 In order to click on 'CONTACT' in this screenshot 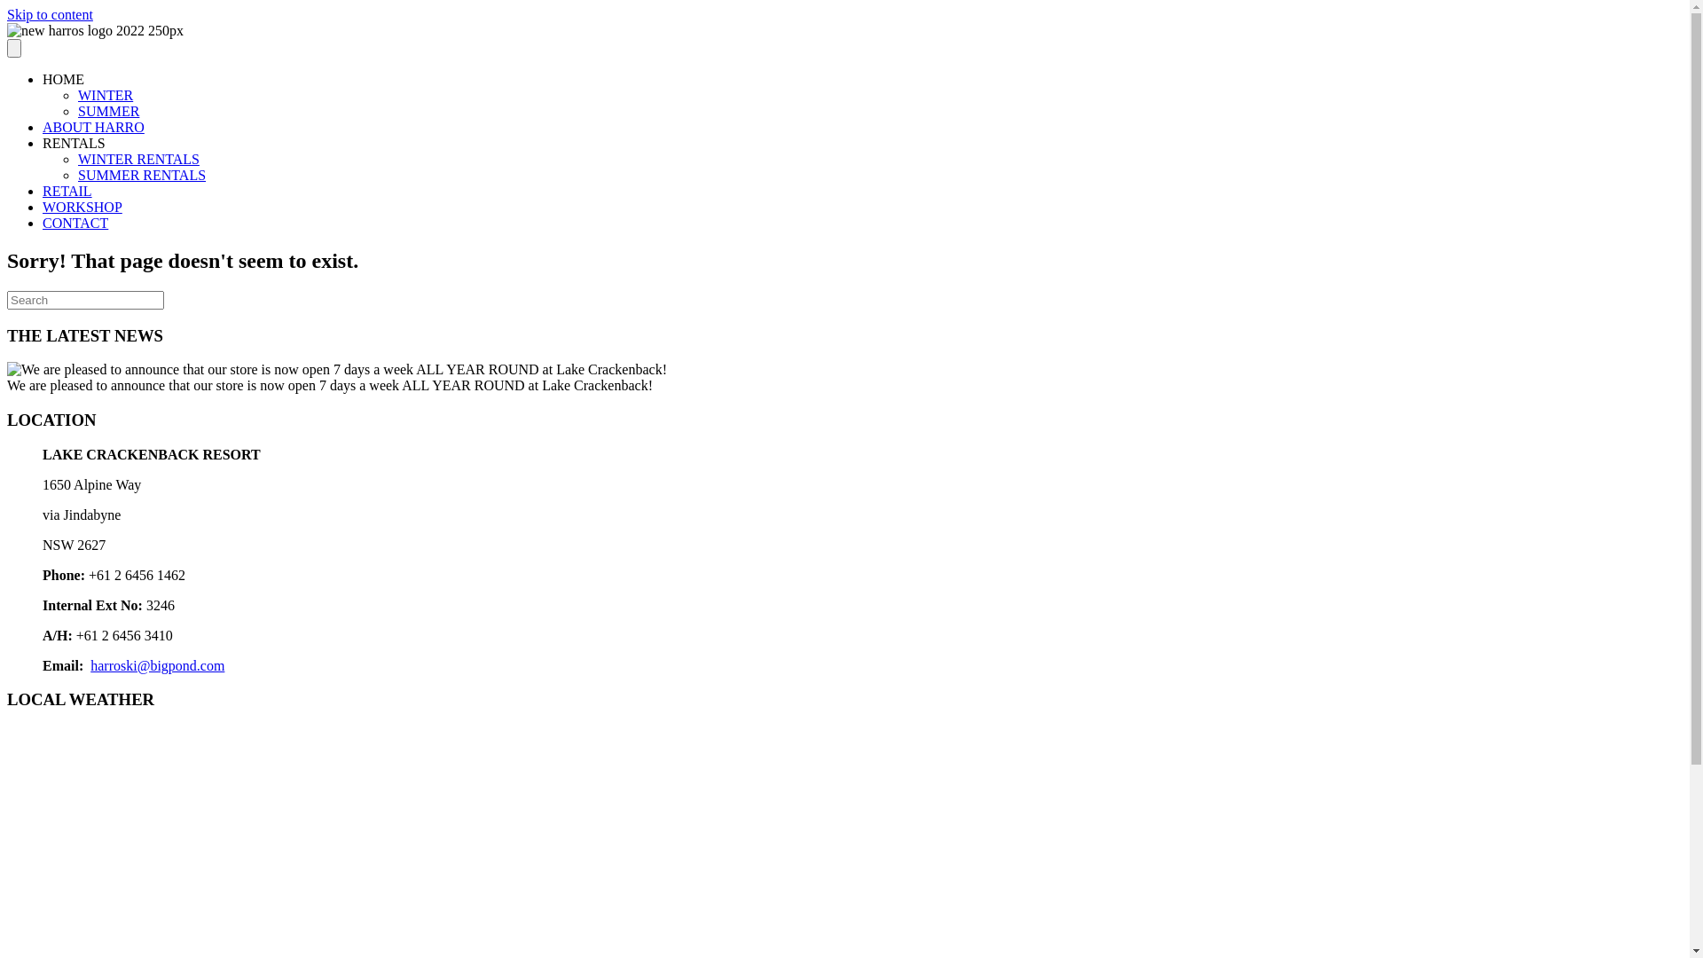, I will do `click(75, 222)`.